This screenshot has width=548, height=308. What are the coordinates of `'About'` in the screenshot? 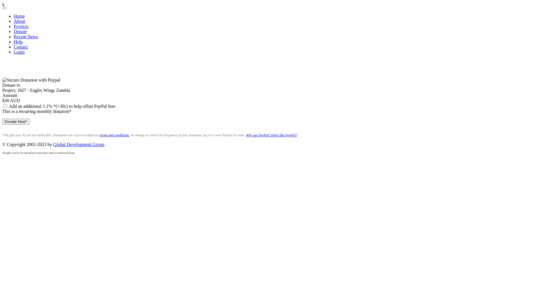 It's located at (19, 21).